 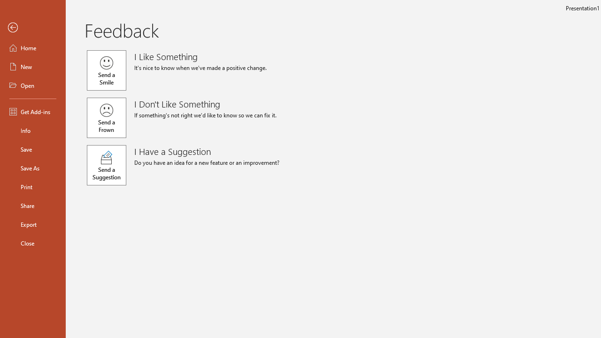 What do you see at coordinates (32, 187) in the screenshot?
I see `'Print'` at bounding box center [32, 187].